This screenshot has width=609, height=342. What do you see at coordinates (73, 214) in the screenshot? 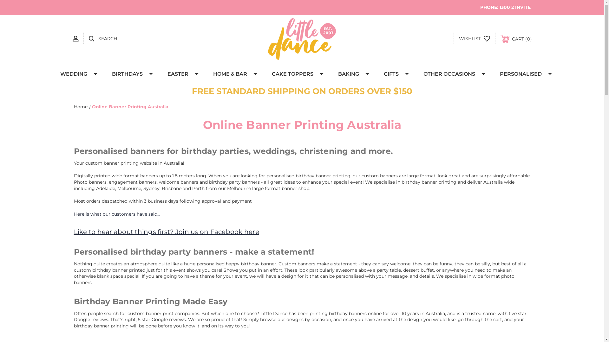
I see `'Here is what our customers have said...'` at bounding box center [73, 214].